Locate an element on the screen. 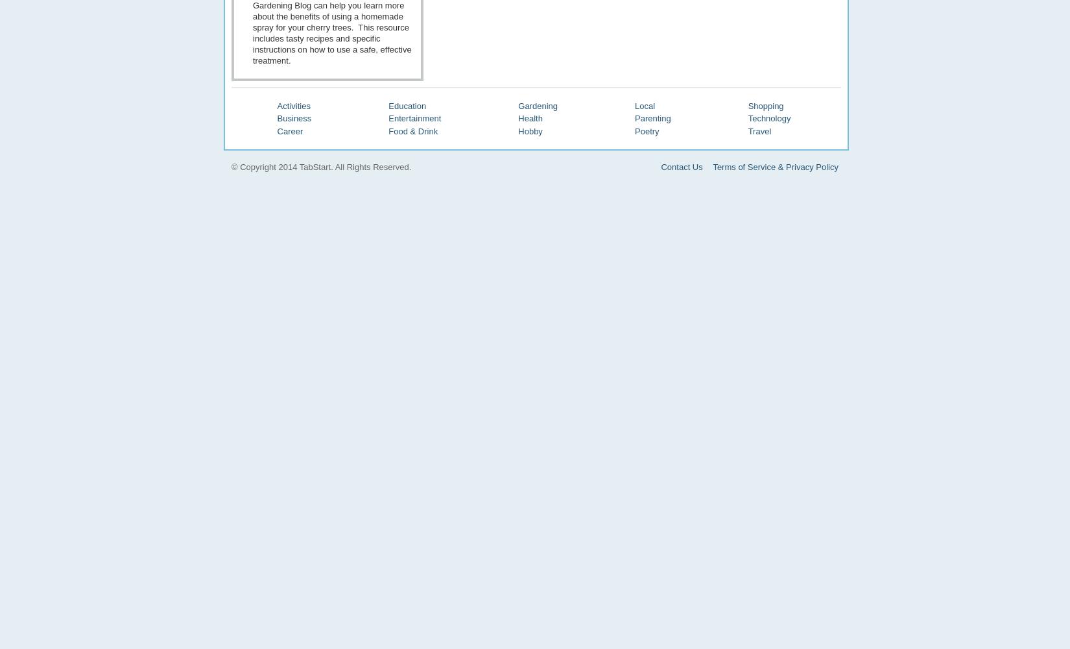  'Travel' is located at coordinates (759, 130).